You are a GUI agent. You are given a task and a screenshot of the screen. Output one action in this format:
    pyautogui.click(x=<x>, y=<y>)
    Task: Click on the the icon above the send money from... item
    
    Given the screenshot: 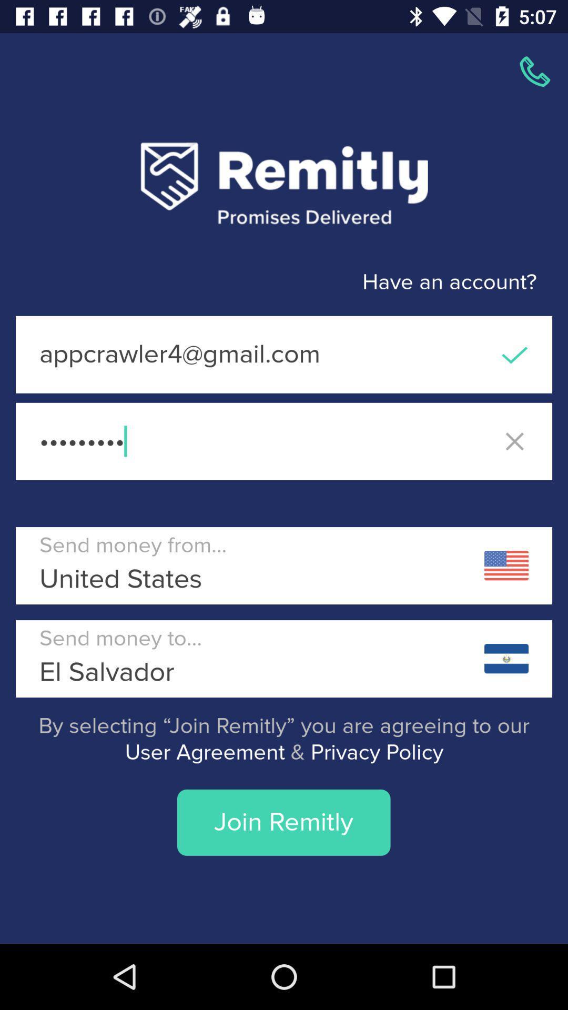 What is the action you would take?
    pyautogui.click(x=284, y=441)
    